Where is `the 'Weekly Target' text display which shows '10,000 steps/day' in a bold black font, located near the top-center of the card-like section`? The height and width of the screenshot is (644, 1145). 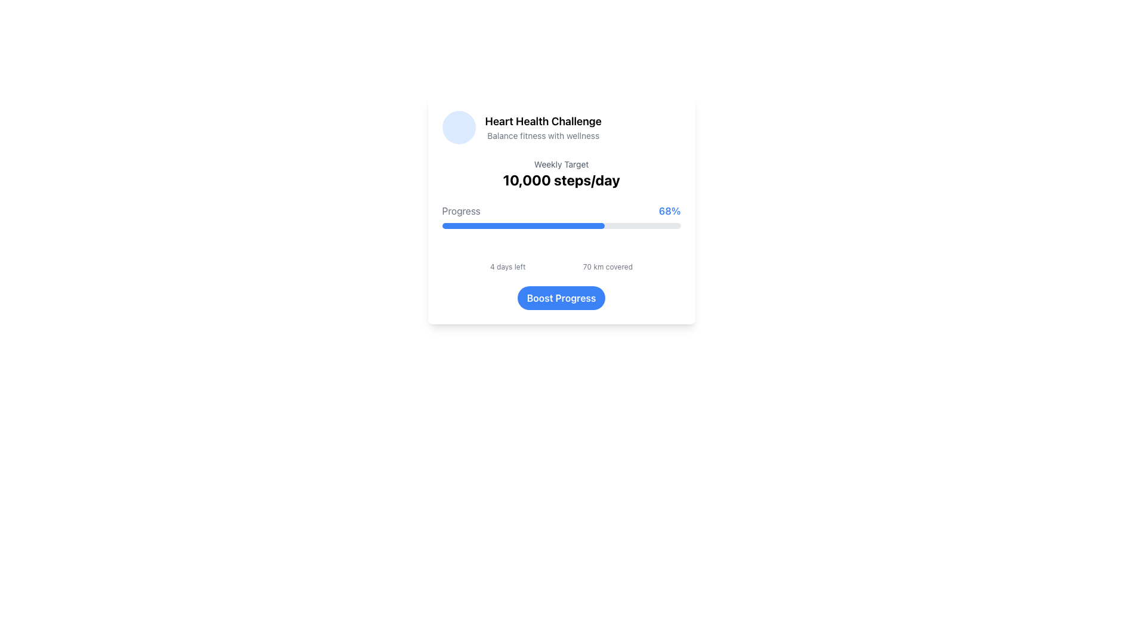 the 'Weekly Target' text display which shows '10,000 steps/day' in a bold black font, located near the top-center of the card-like section is located at coordinates (561, 174).